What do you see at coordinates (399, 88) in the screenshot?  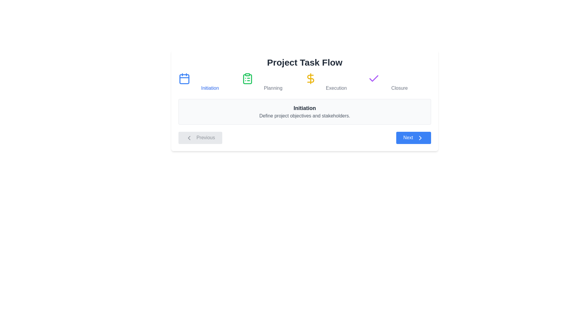 I see `the 'Closure' text label, which indicates the final phase in the project workflow, located to the right of the 'Execution' label and below a purple checkmark icon` at bounding box center [399, 88].